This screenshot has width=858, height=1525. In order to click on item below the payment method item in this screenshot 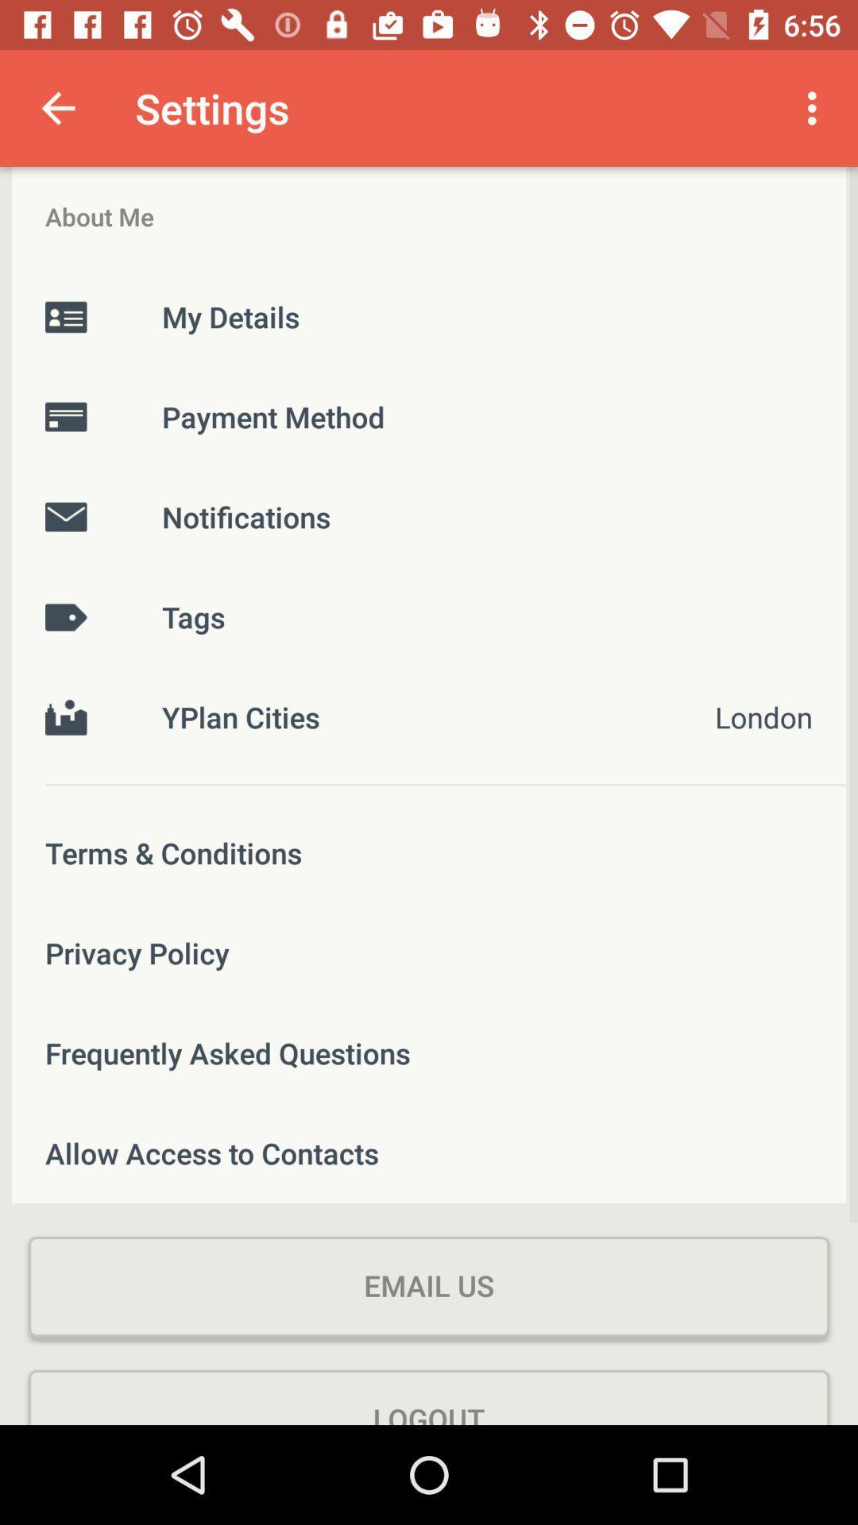, I will do `click(429, 517)`.